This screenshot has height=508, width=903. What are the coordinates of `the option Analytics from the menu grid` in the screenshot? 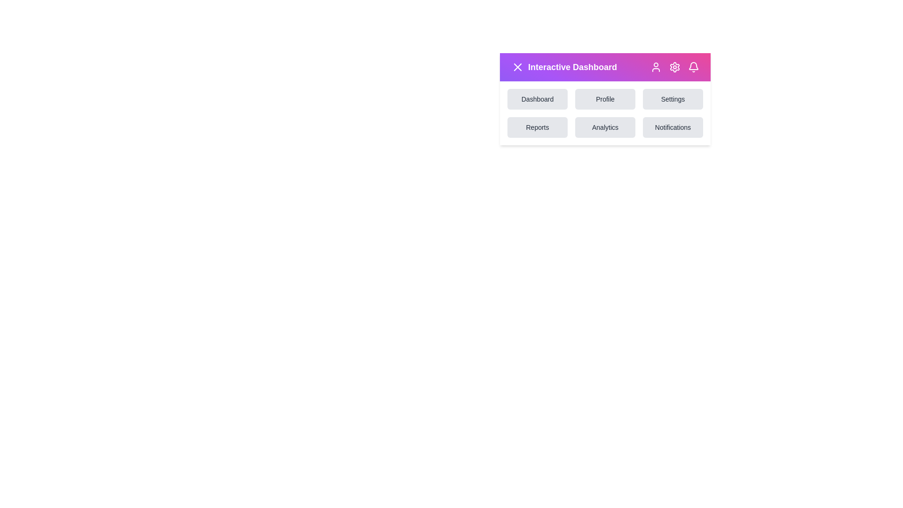 It's located at (605, 127).